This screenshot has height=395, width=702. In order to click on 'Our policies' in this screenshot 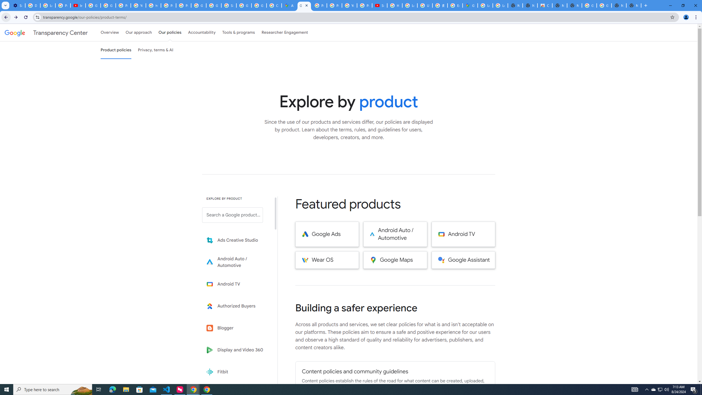, I will do `click(170, 32)`.